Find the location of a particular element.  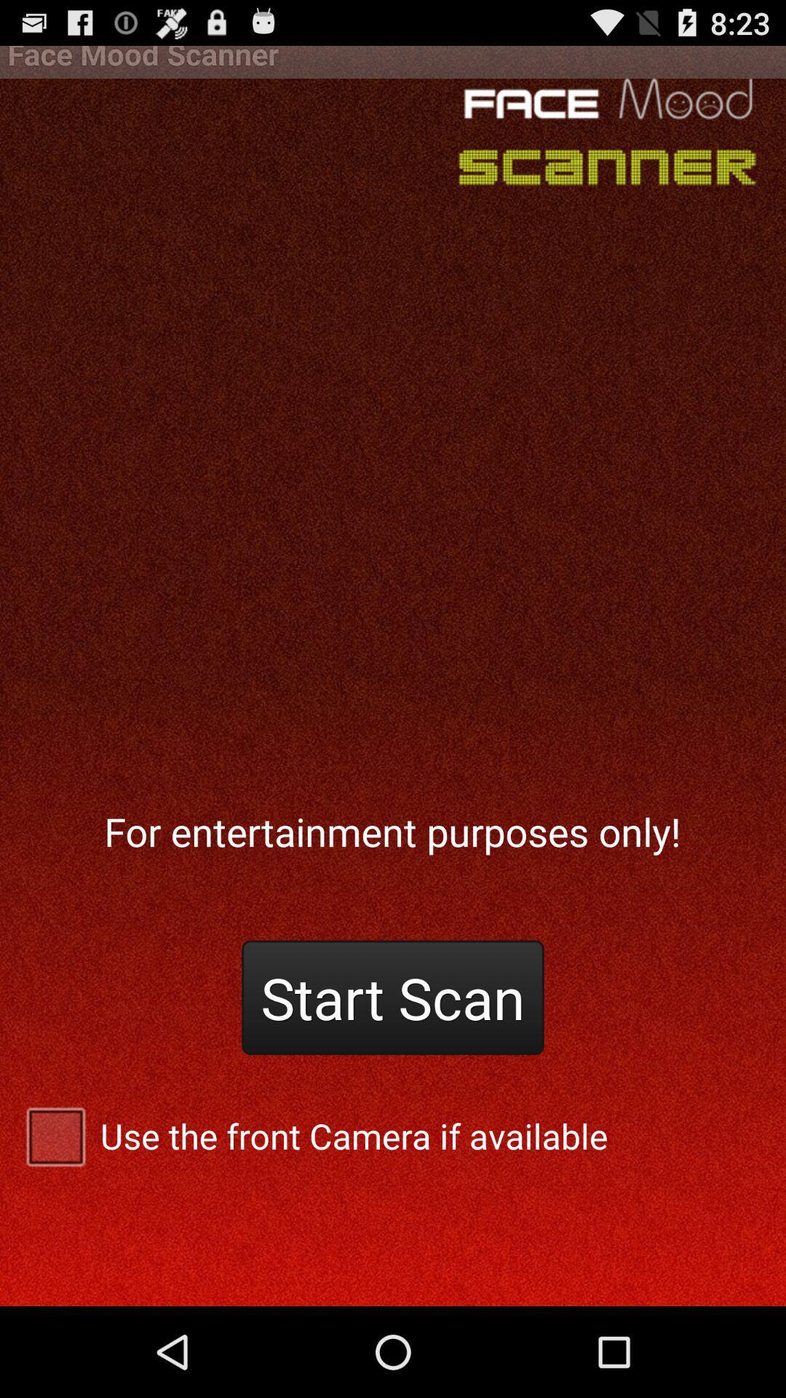

icon below start scan item is located at coordinates (393, 1135).